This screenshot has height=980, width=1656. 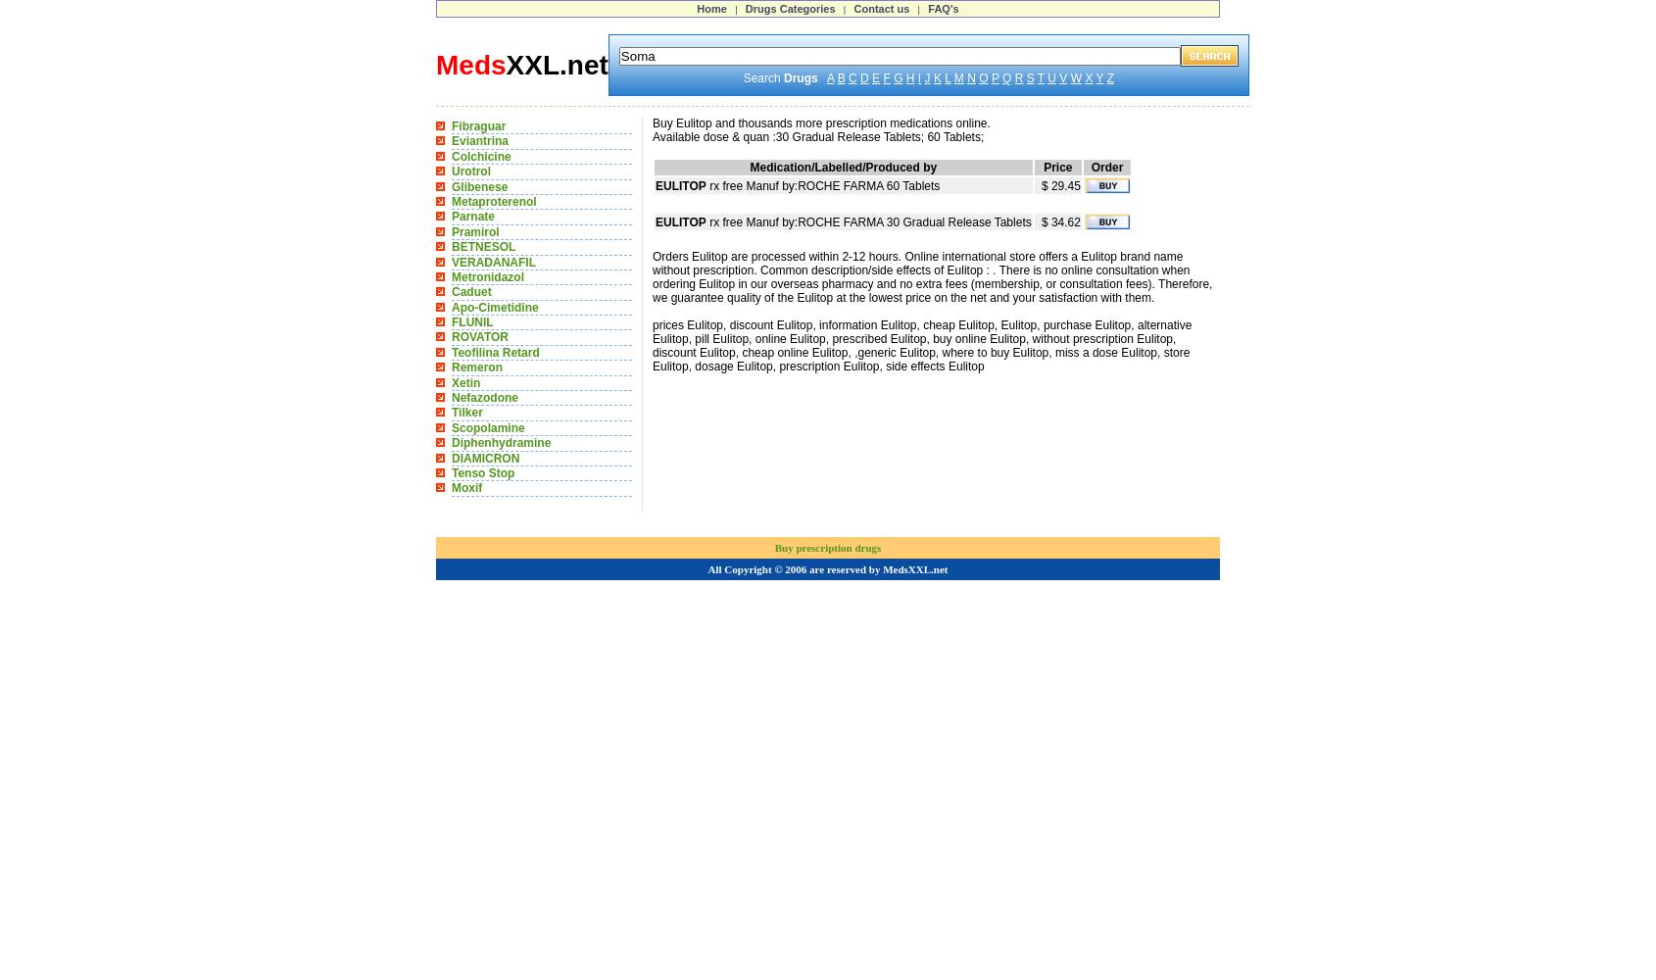 What do you see at coordinates (470, 171) in the screenshot?
I see `'Urotrol'` at bounding box center [470, 171].